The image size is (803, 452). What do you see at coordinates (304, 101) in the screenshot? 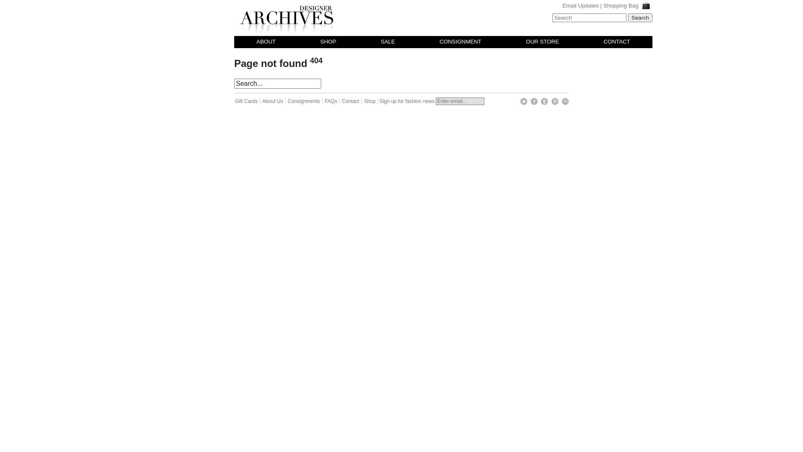
I see `'Consignments'` at bounding box center [304, 101].